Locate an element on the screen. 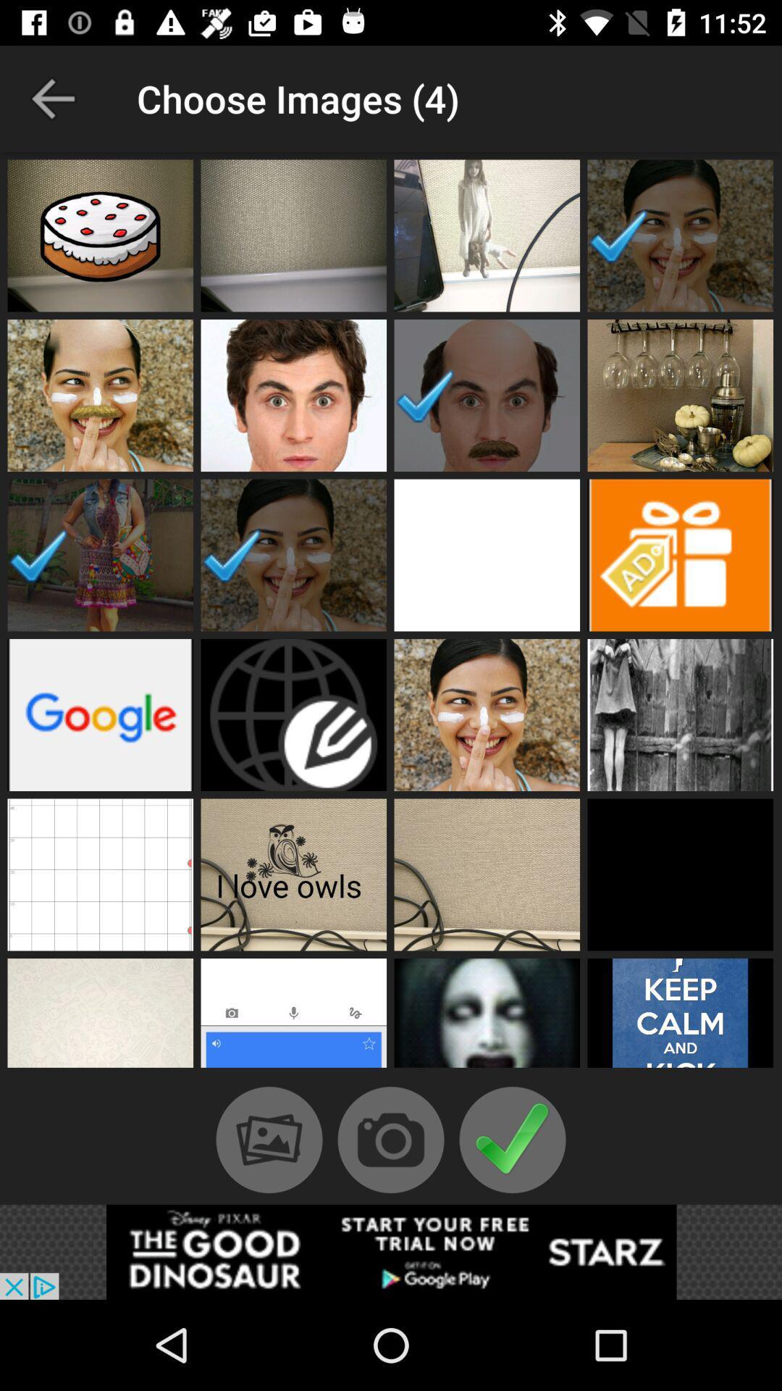  include photo in video is located at coordinates (487, 235).